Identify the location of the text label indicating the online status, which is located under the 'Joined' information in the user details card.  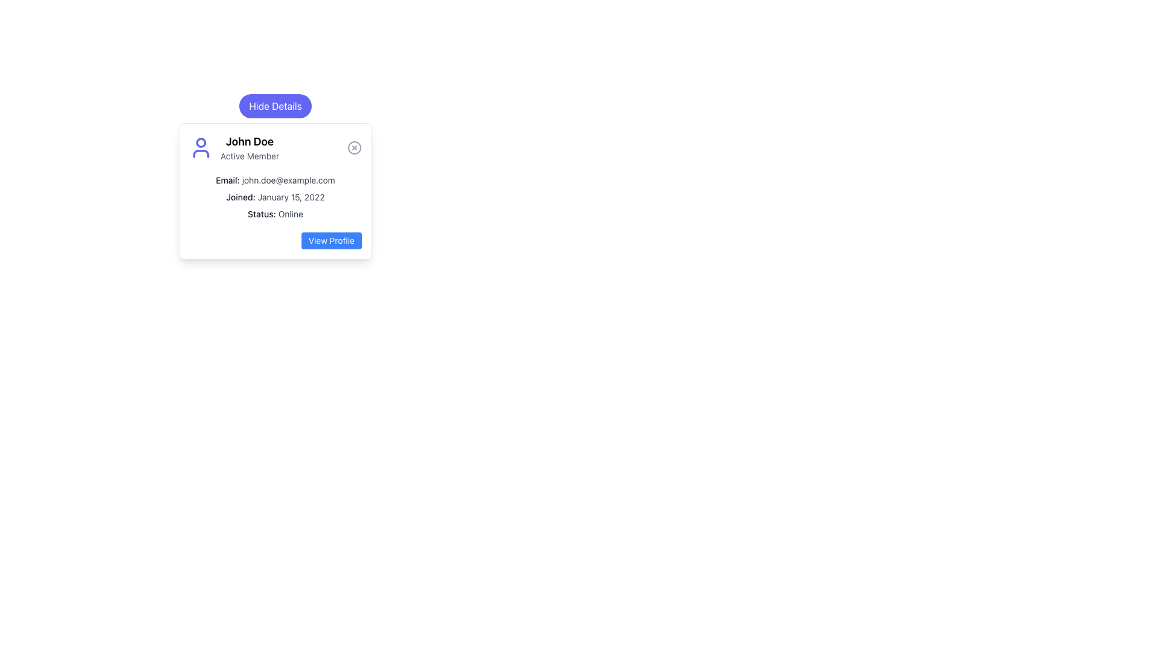
(261, 213).